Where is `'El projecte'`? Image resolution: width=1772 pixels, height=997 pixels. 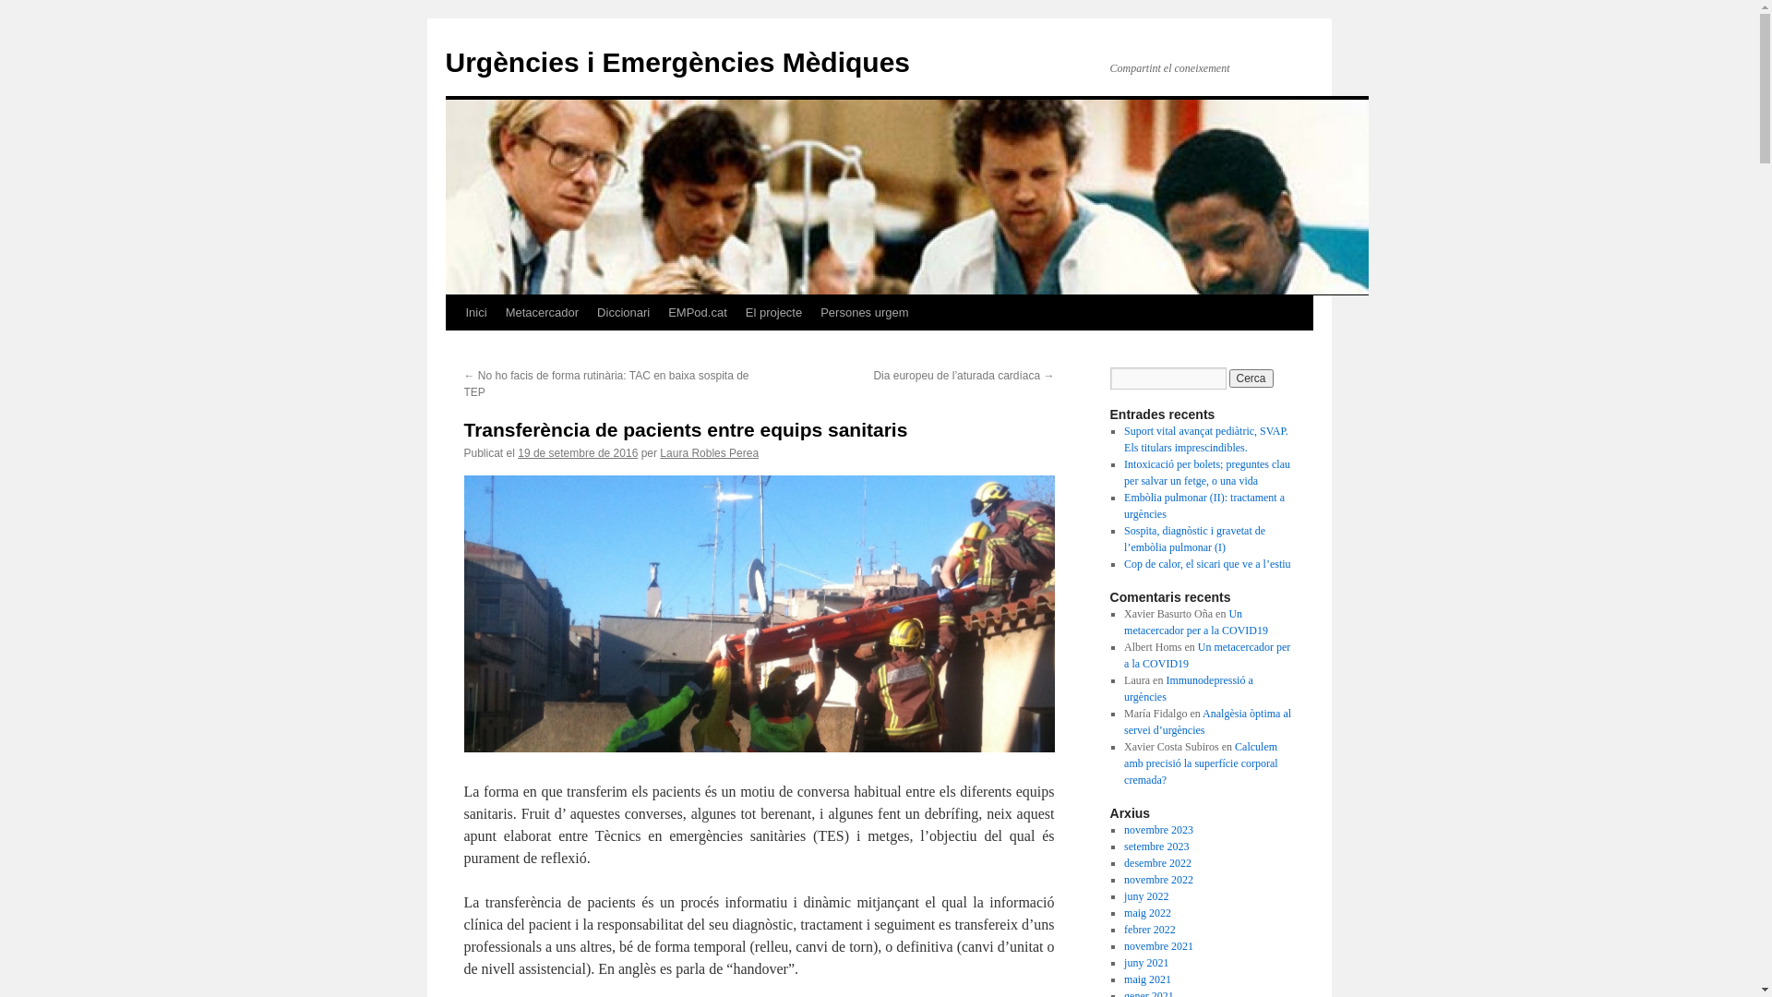 'El projecte' is located at coordinates (773, 312).